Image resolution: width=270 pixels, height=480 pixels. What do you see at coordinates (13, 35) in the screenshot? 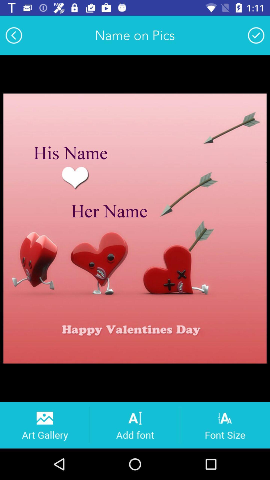
I see `return to previous page` at bounding box center [13, 35].